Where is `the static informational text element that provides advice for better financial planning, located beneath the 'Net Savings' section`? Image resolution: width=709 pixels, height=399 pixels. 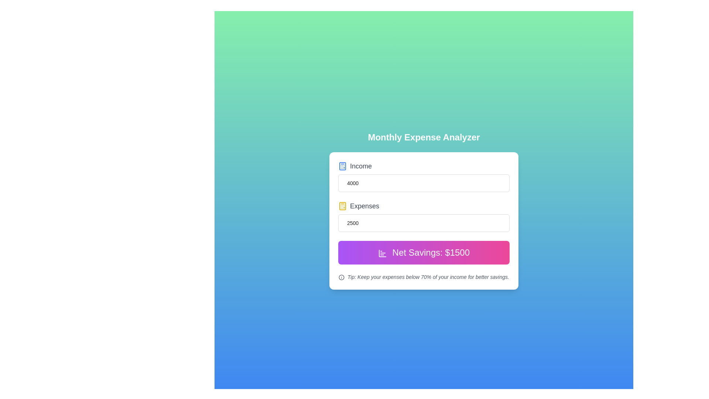
the static informational text element that provides advice for better financial planning, located beneath the 'Net Savings' section is located at coordinates (424, 277).